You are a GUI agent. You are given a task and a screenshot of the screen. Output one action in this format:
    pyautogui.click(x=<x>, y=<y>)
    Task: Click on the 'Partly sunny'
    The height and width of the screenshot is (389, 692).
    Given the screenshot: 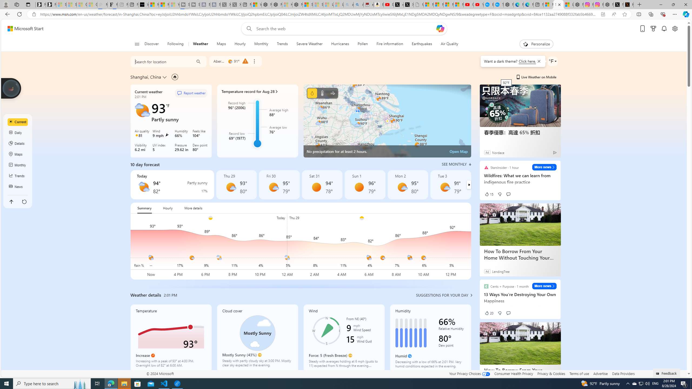 What is the action you would take?
    pyautogui.click(x=144, y=187)
    